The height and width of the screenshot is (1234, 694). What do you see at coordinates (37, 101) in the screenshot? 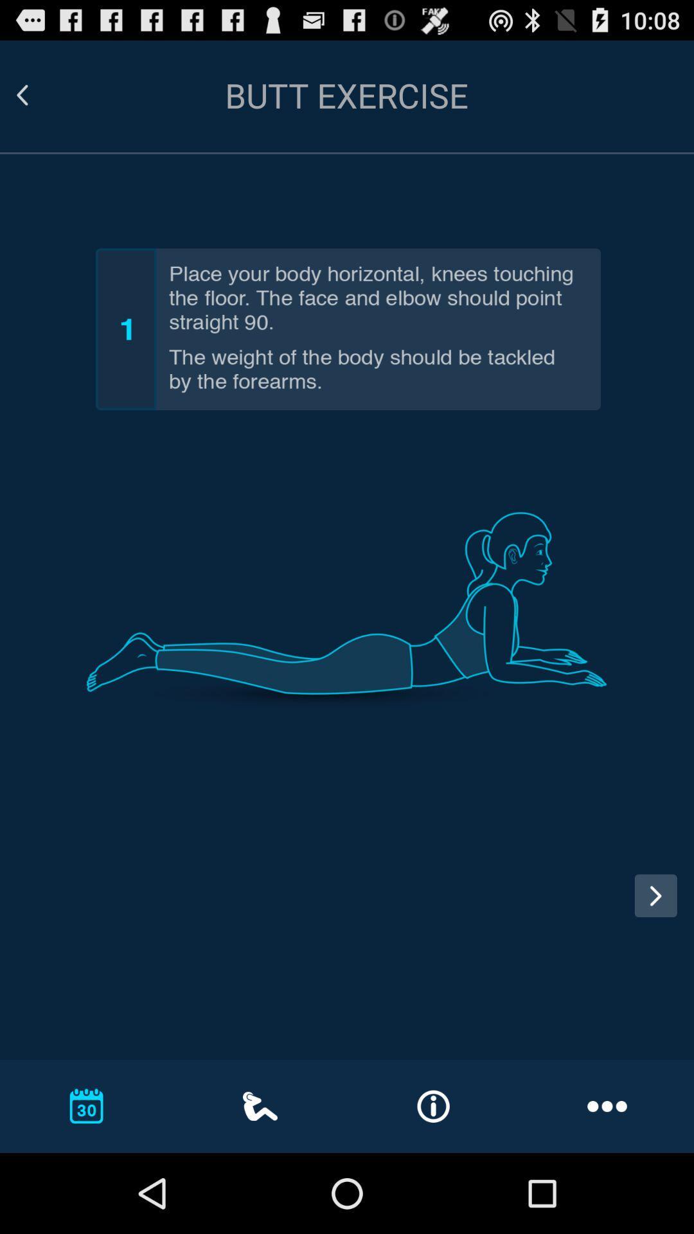
I see `the arrow_backward icon` at bounding box center [37, 101].